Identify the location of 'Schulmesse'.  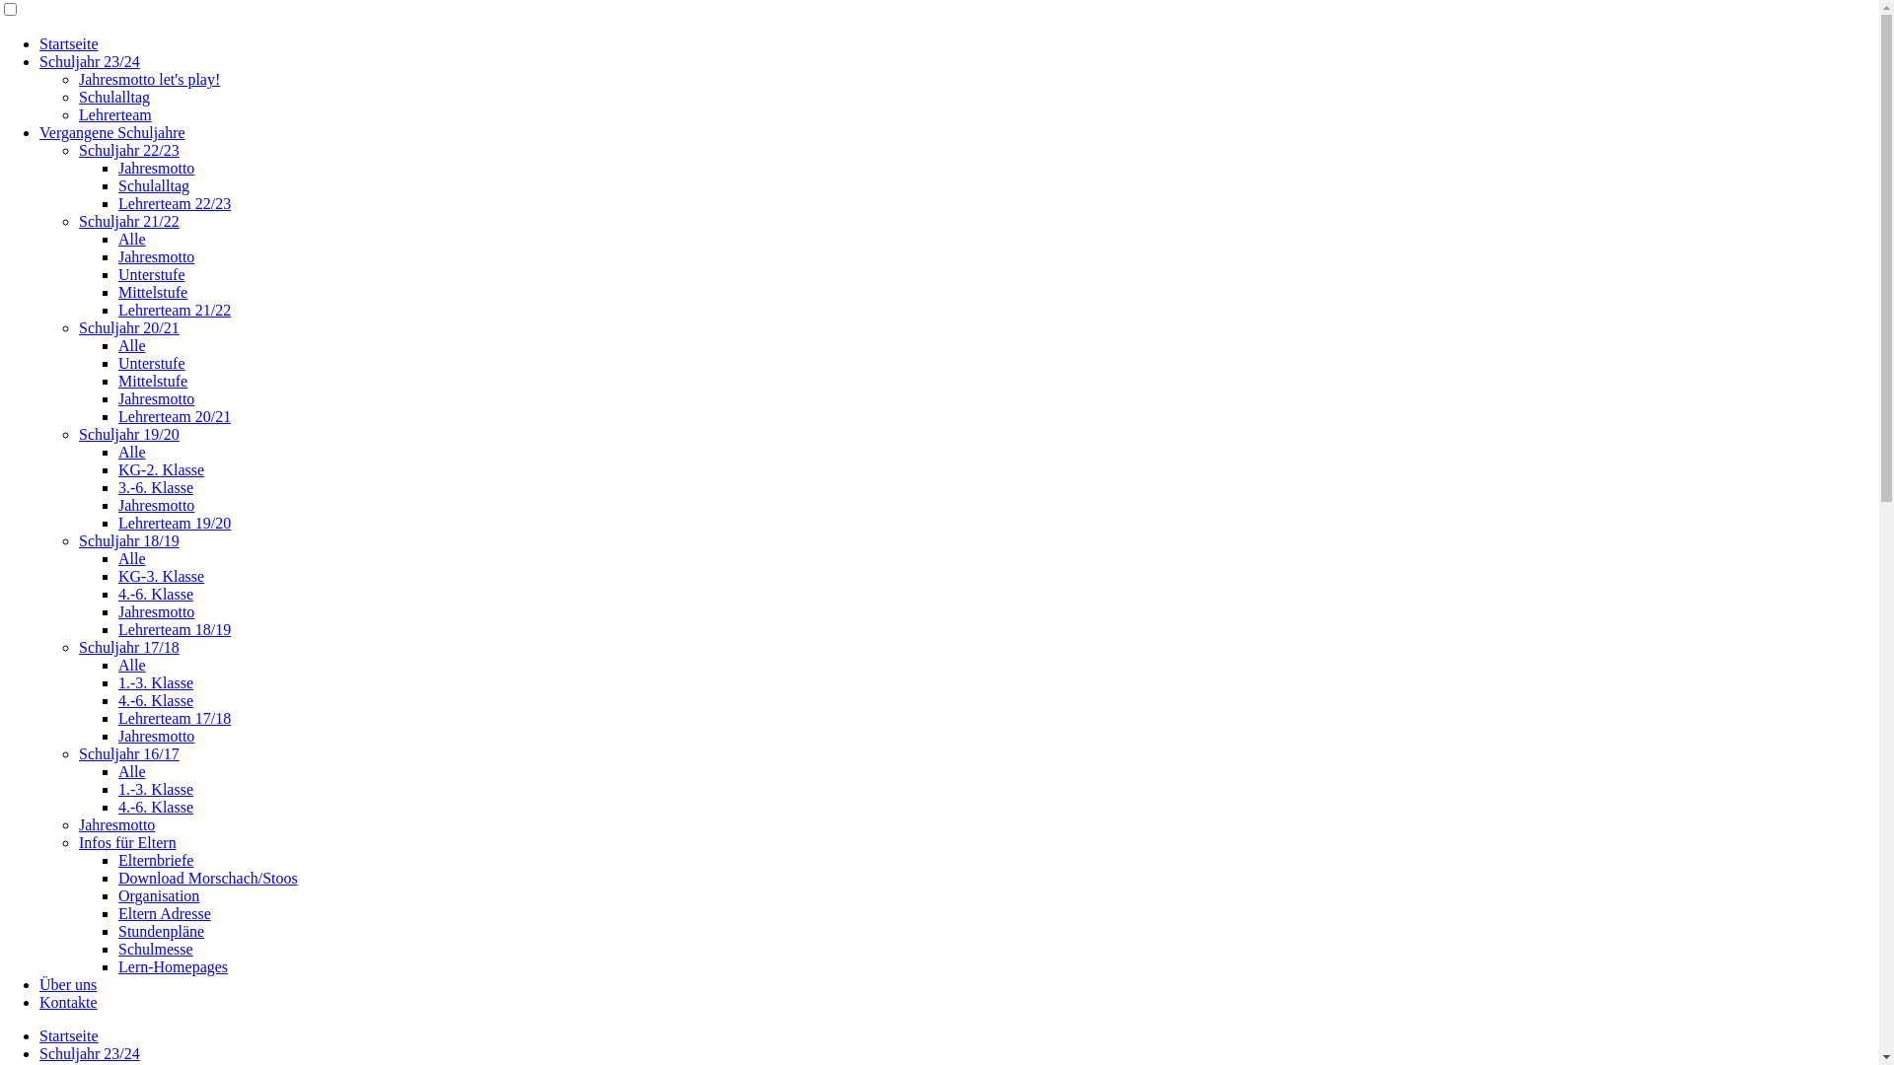
(117, 948).